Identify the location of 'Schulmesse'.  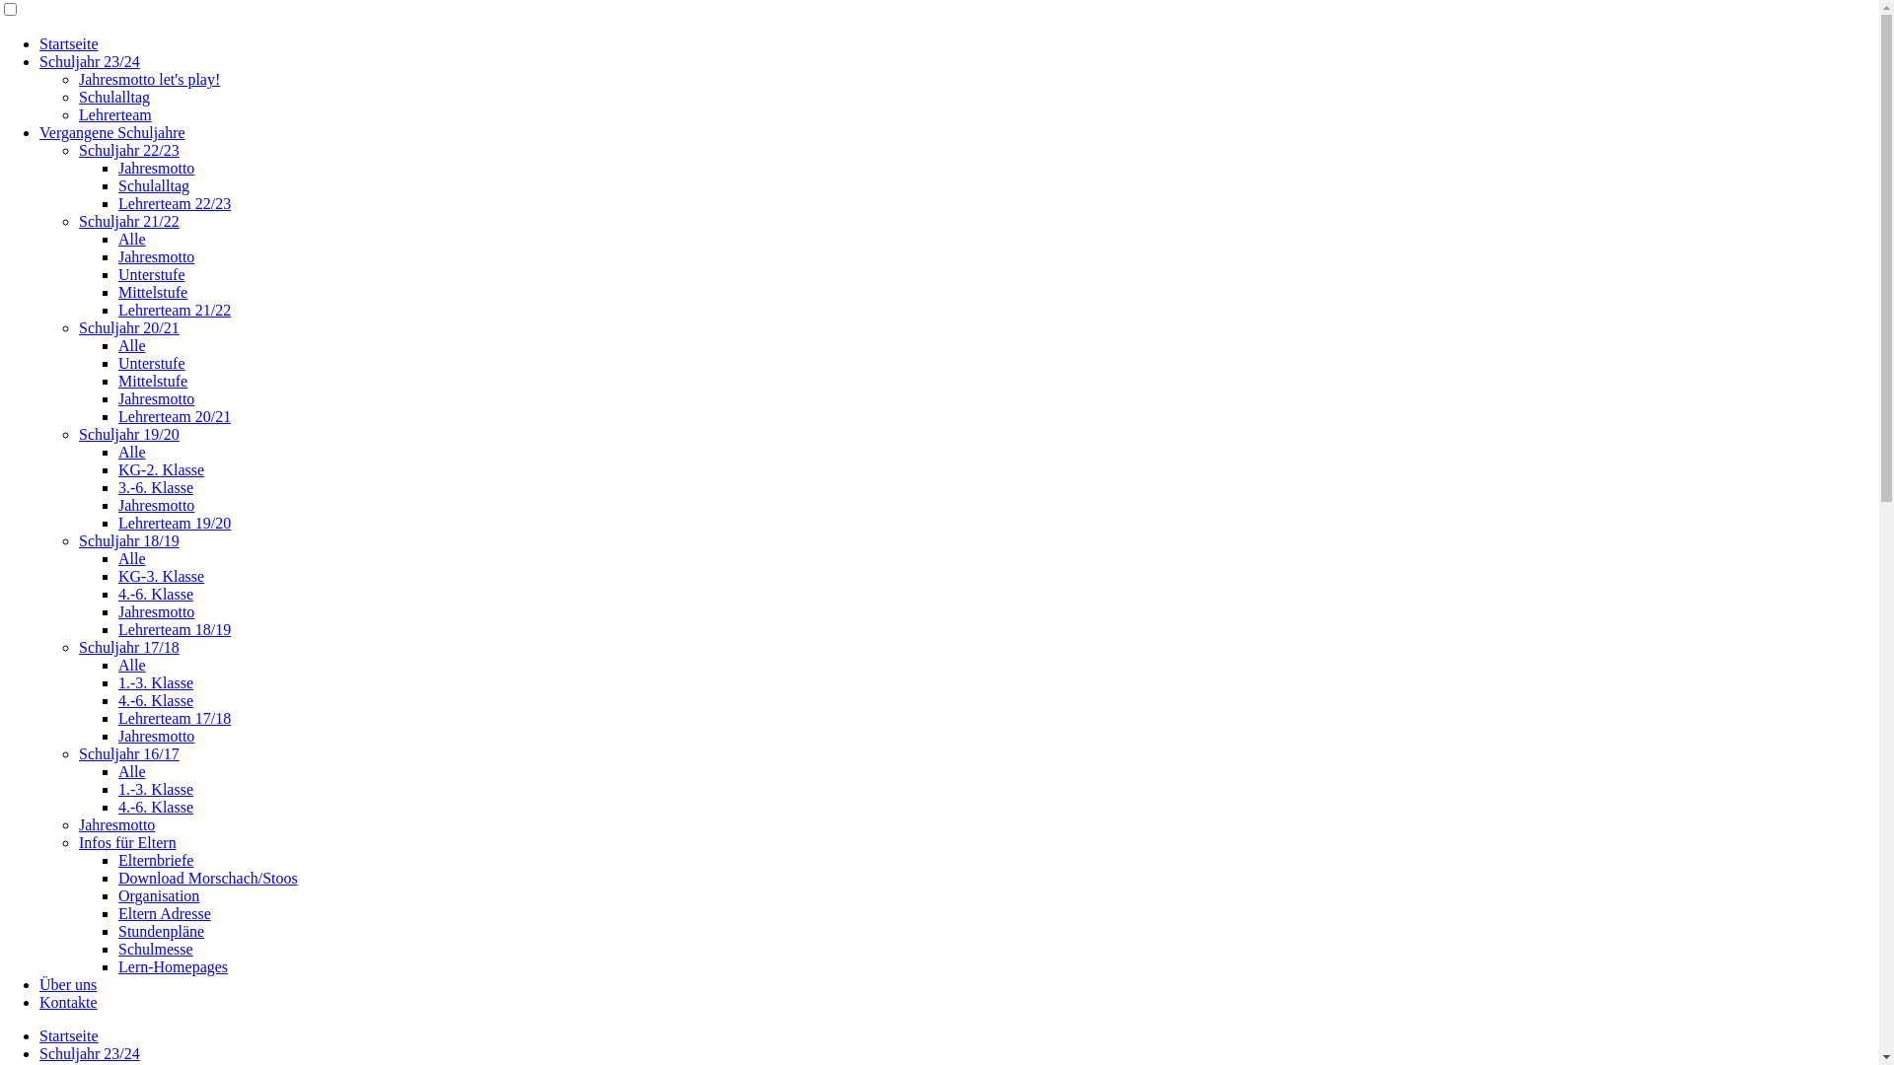
(117, 948).